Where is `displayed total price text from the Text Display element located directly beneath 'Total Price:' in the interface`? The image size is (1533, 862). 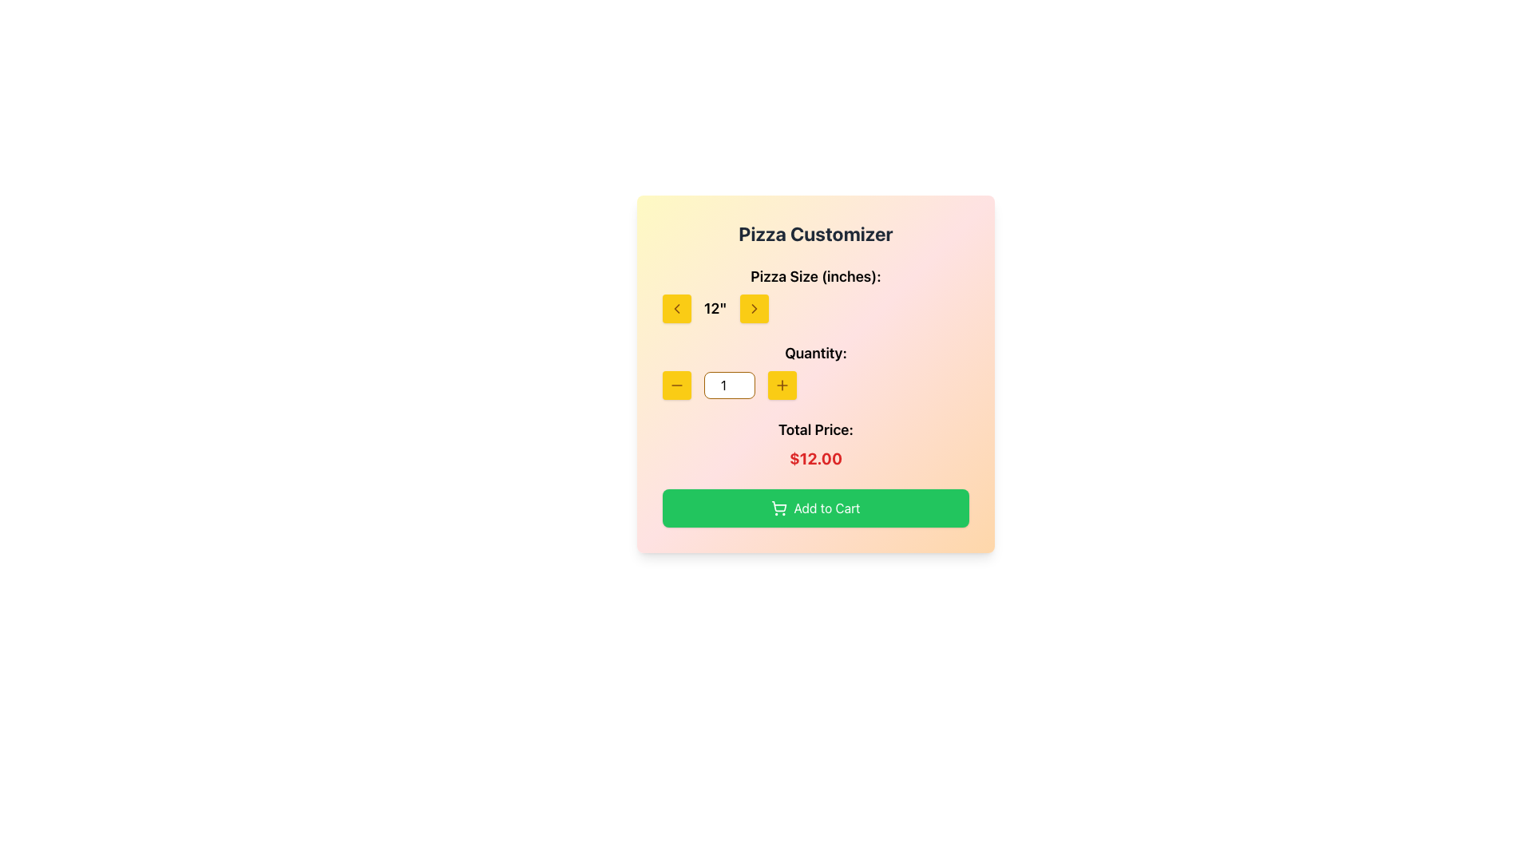
displayed total price text from the Text Display element located directly beneath 'Total Price:' in the interface is located at coordinates (816, 458).